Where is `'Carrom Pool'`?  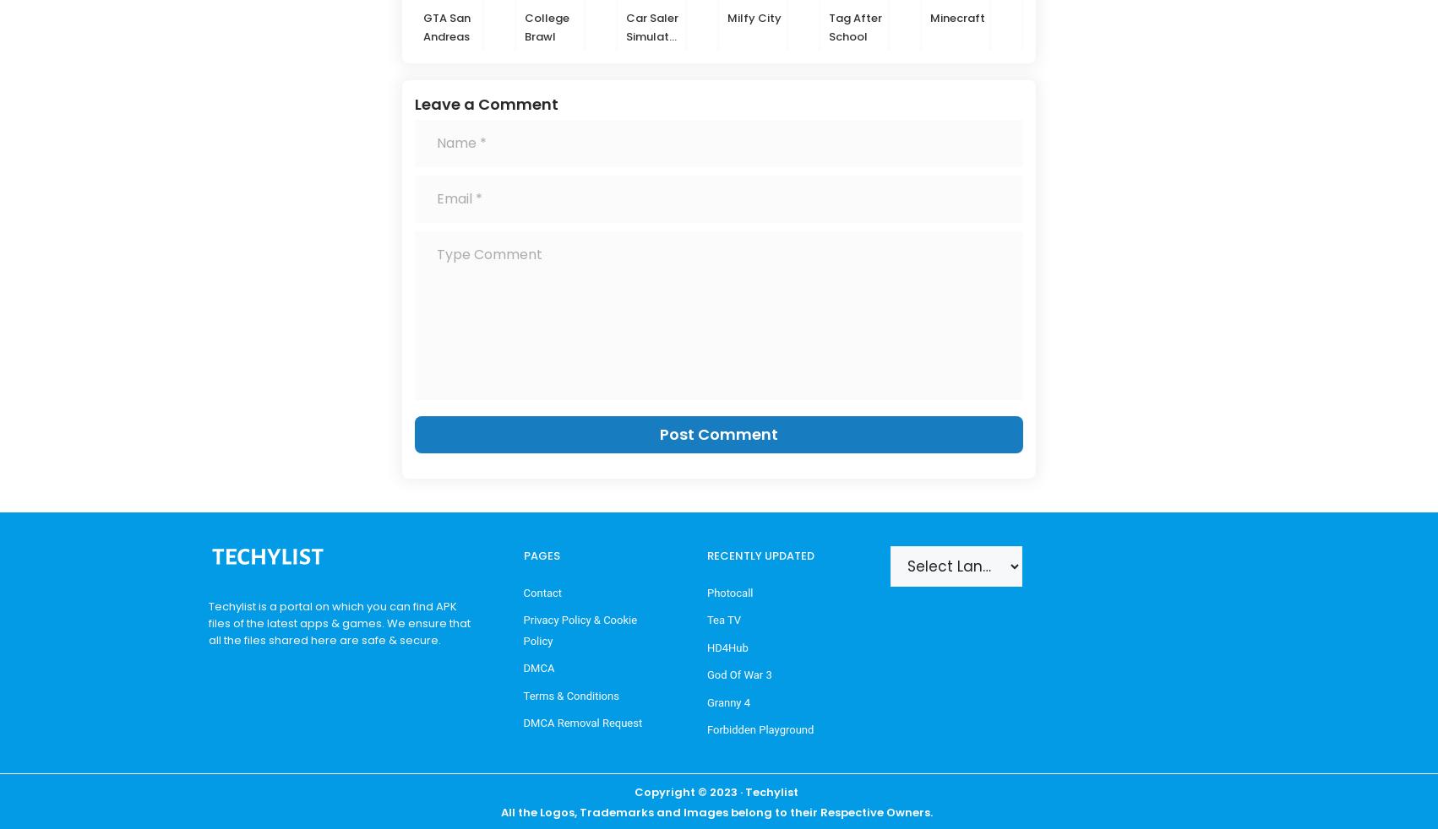 'Carrom Pool' is located at coordinates (1054, 25).